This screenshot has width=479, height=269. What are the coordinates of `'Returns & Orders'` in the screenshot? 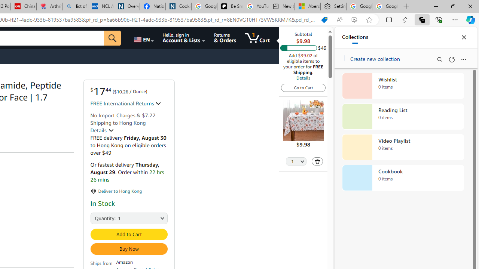 It's located at (225, 38).